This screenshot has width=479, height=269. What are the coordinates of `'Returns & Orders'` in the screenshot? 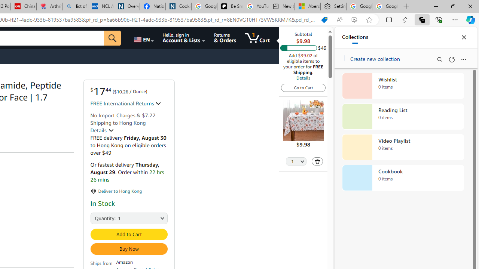 It's located at (225, 38).